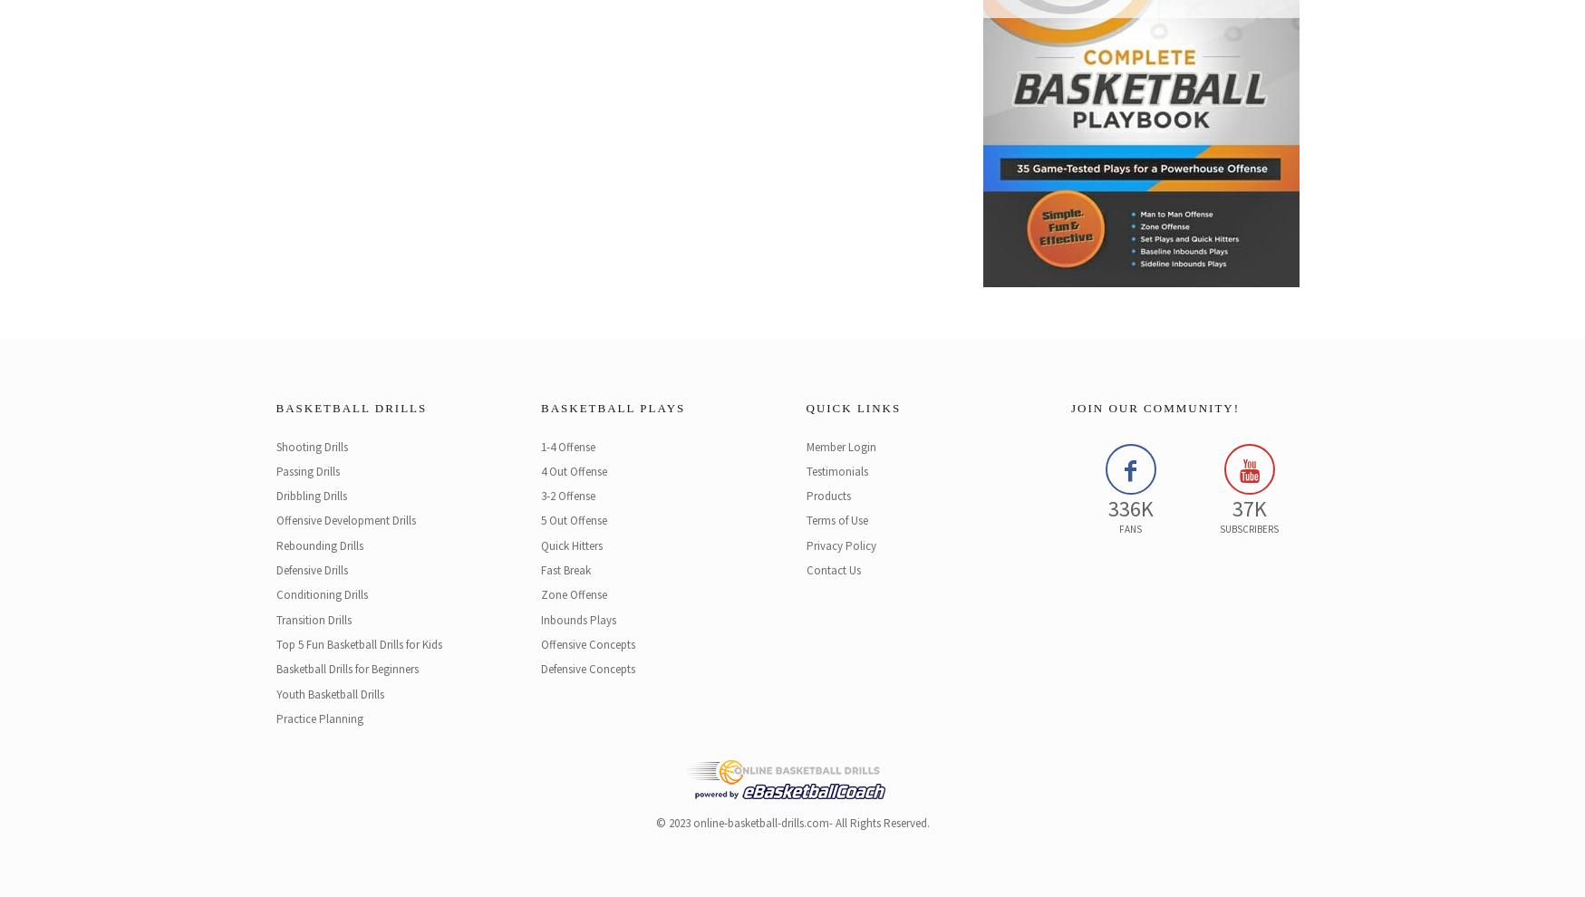 Image resolution: width=1585 pixels, height=897 pixels. Describe the element at coordinates (311, 446) in the screenshot. I see `'Shooting Drills'` at that location.